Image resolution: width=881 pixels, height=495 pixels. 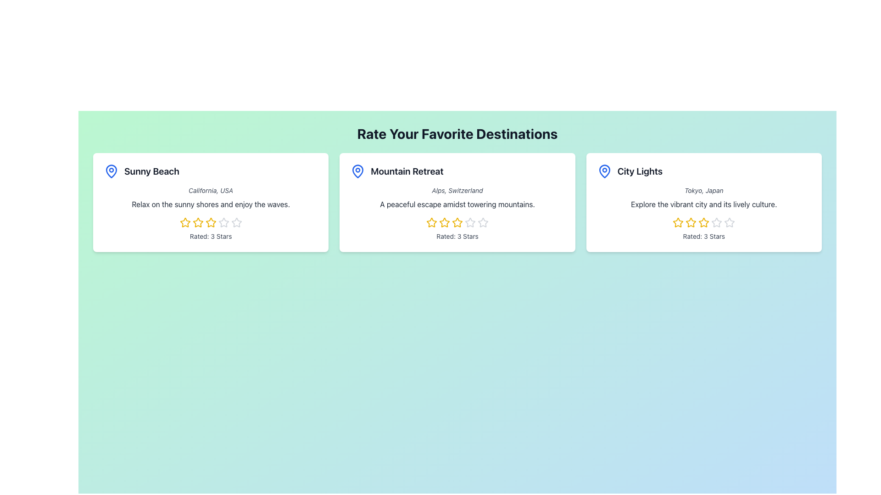 What do you see at coordinates (223, 223) in the screenshot?
I see `the fifth gray star icon in the five-star rating control for 'Sunny Beach', which enlarges upon interaction` at bounding box center [223, 223].